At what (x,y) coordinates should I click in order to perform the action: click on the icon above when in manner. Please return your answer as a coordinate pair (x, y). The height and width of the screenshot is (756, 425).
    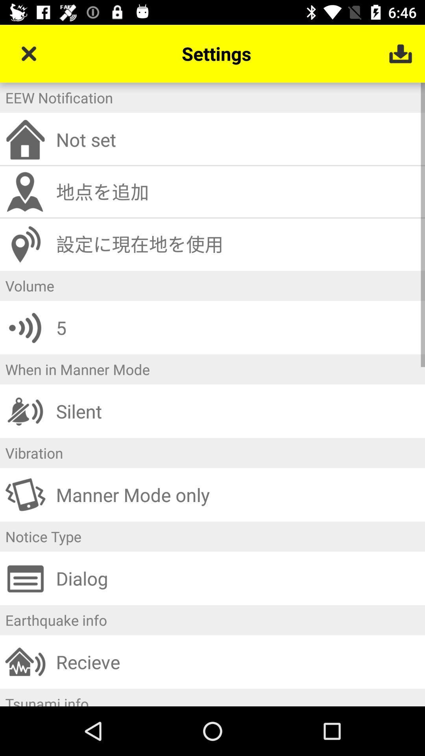
    Looking at the image, I should click on (237, 328).